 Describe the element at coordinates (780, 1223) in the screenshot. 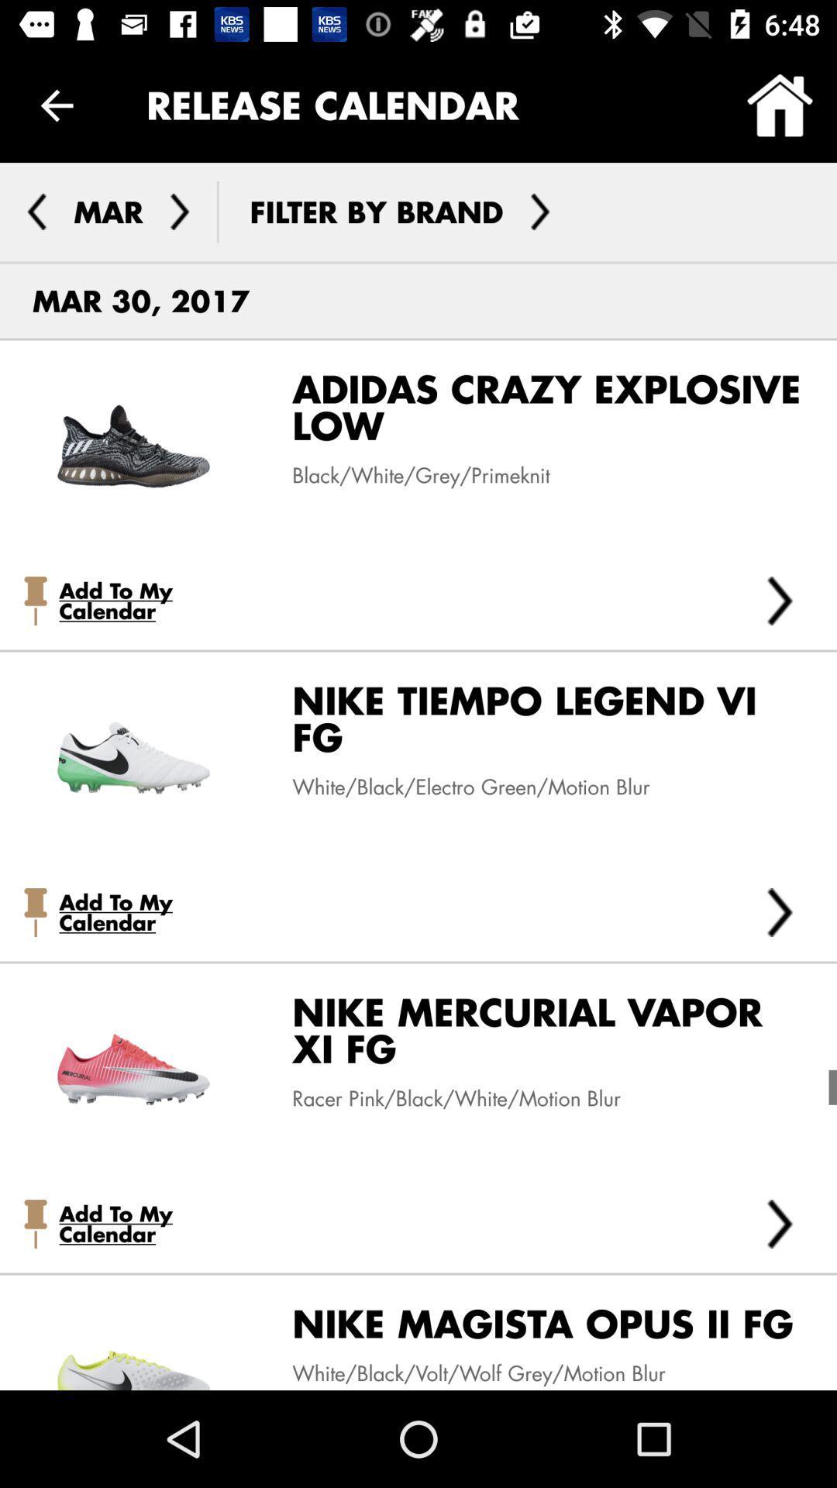

I see `the icon below the nike mercurial vapor` at that location.